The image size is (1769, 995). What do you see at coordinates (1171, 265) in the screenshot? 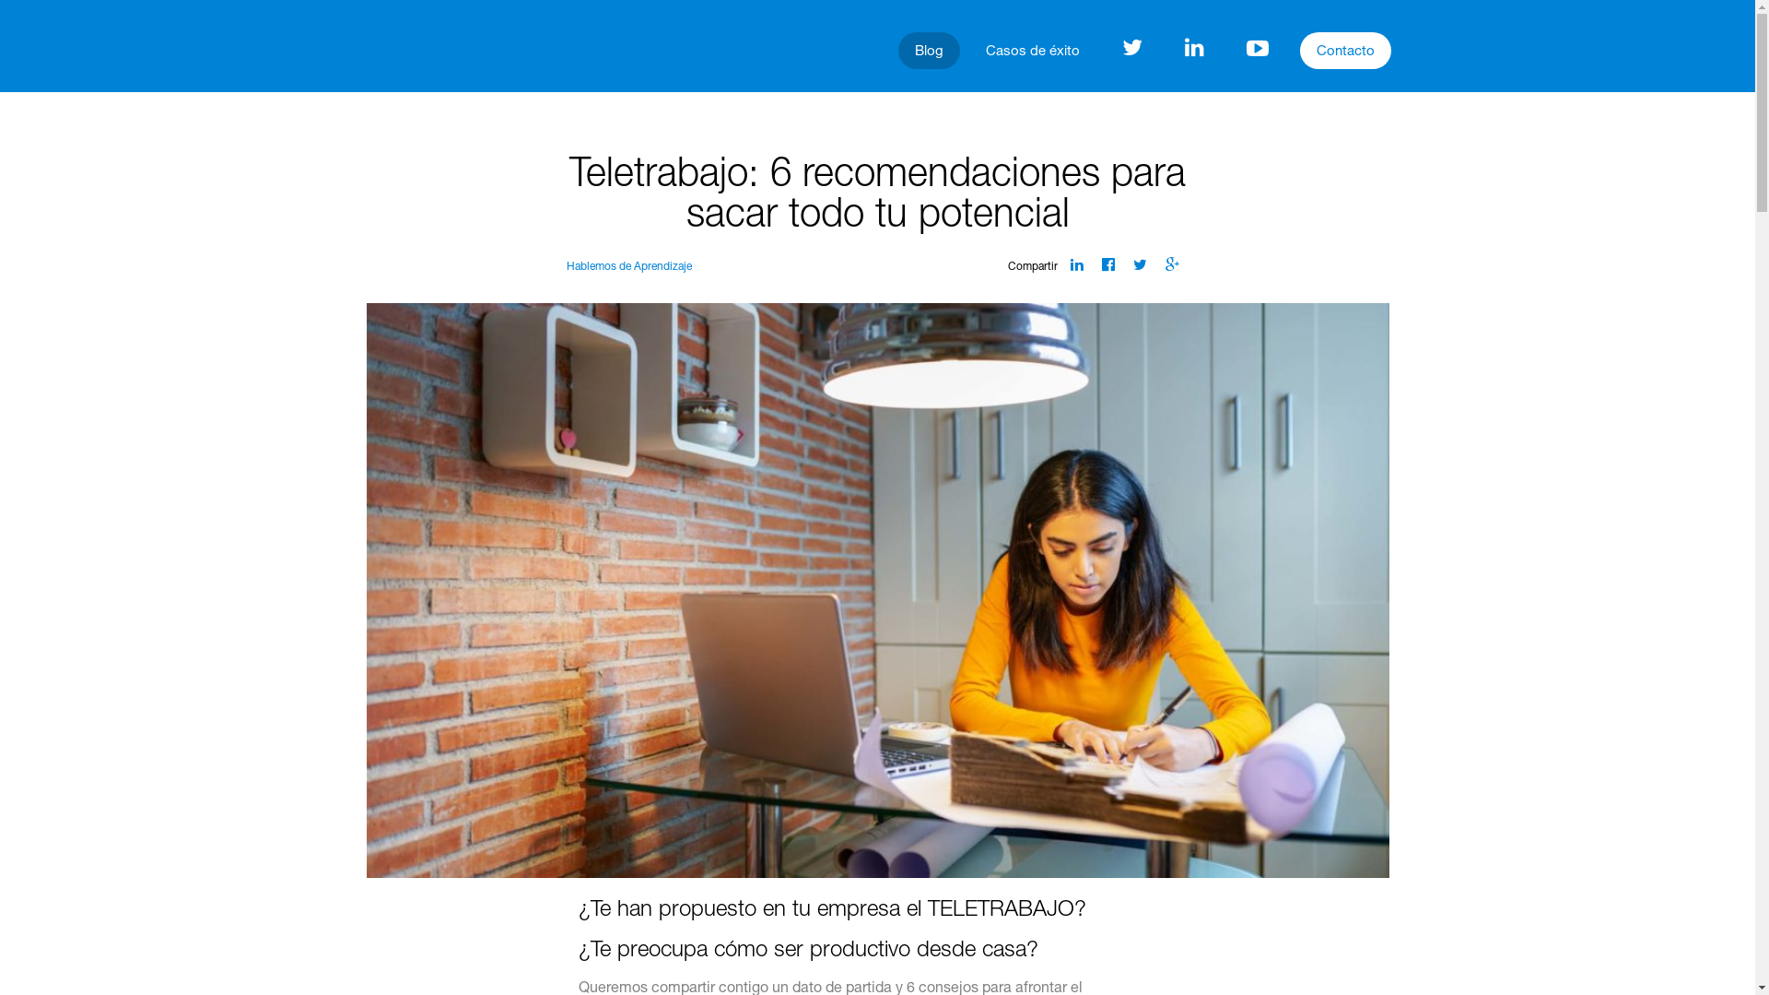
I see `'Google+'` at bounding box center [1171, 265].